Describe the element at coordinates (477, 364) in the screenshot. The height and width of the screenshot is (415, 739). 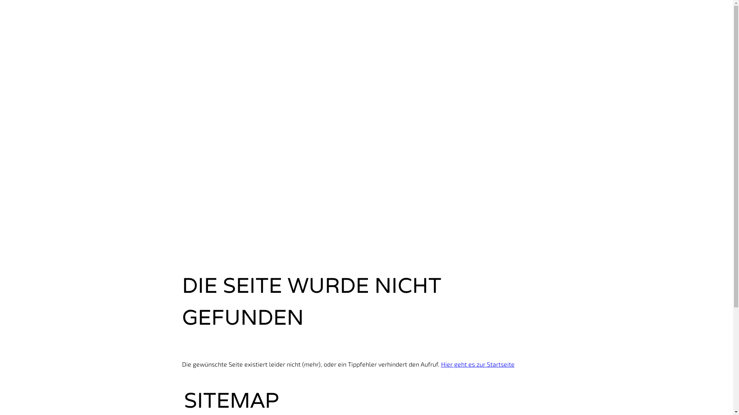
I see `'Hier geht es zur Startseite'` at that location.